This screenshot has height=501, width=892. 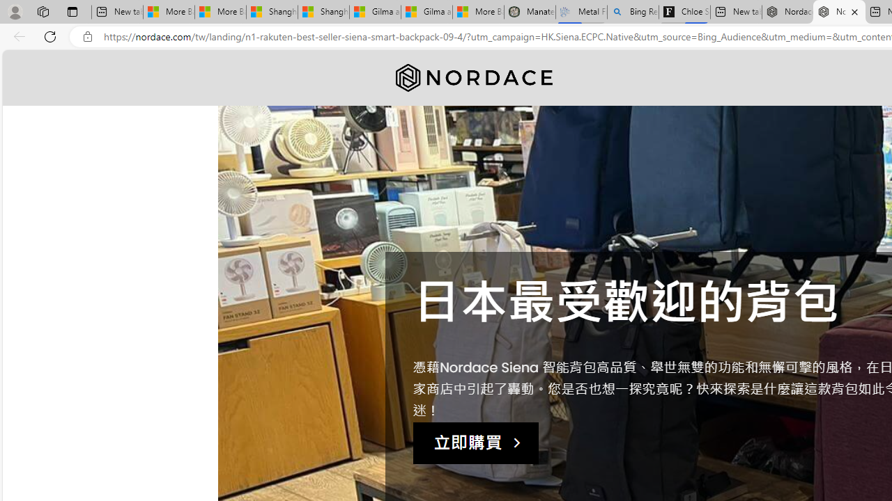 What do you see at coordinates (529, 12) in the screenshot?
I see `'Manatee Mortality Statistics | FWC'` at bounding box center [529, 12].